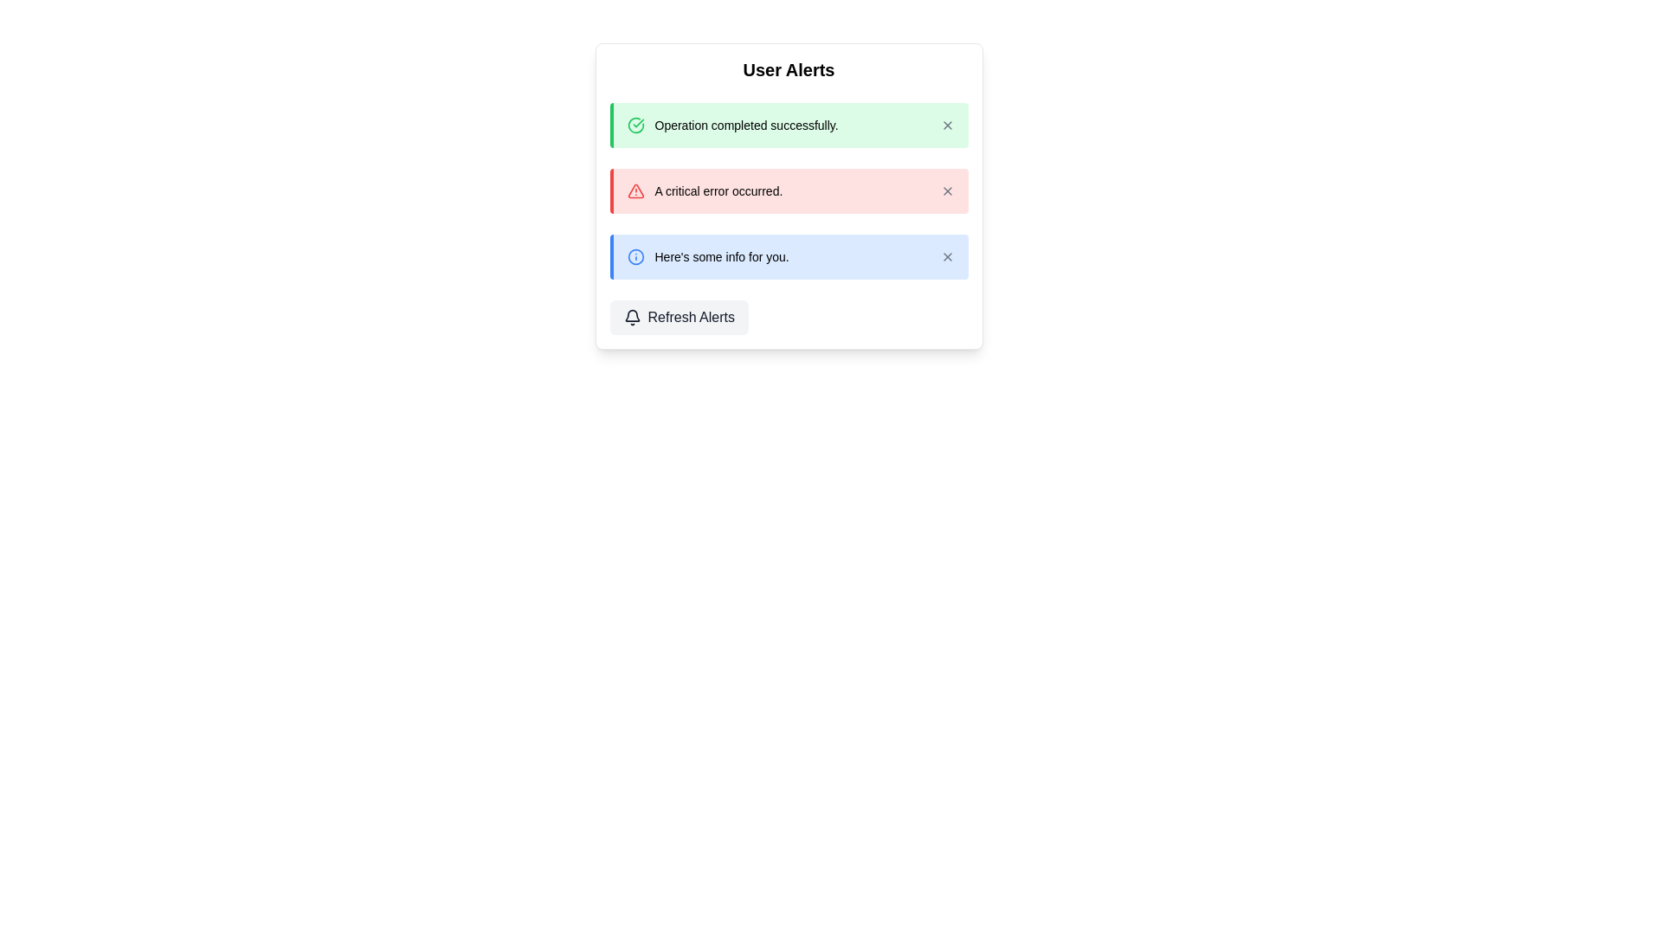 The width and height of the screenshot is (1662, 935). What do you see at coordinates (946, 190) in the screenshot?
I see `the small gray button with an 'X' shape located on the right side of the alert box indicating a critical error` at bounding box center [946, 190].